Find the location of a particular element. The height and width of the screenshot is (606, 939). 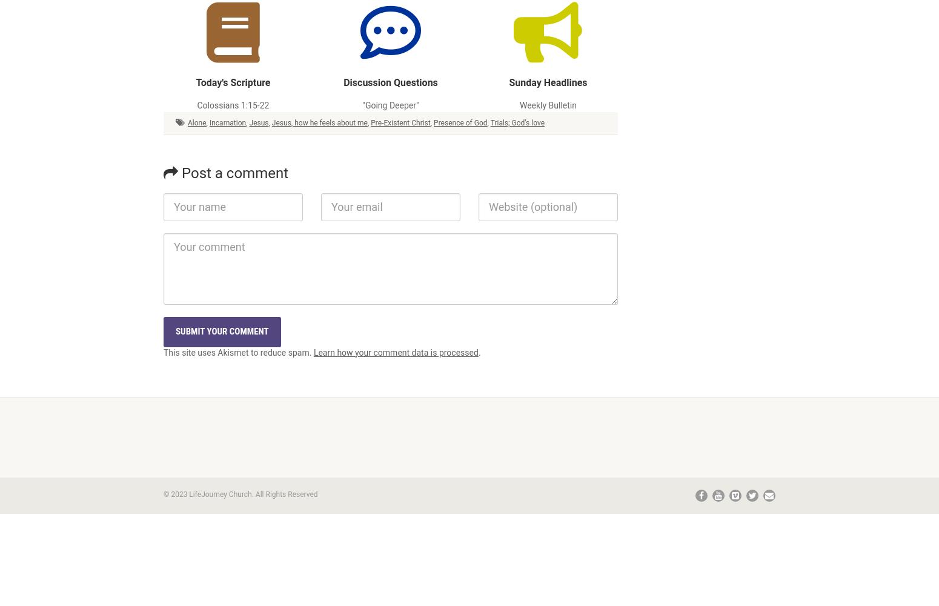

'Learn how your comment data is processed' is located at coordinates (395, 351).